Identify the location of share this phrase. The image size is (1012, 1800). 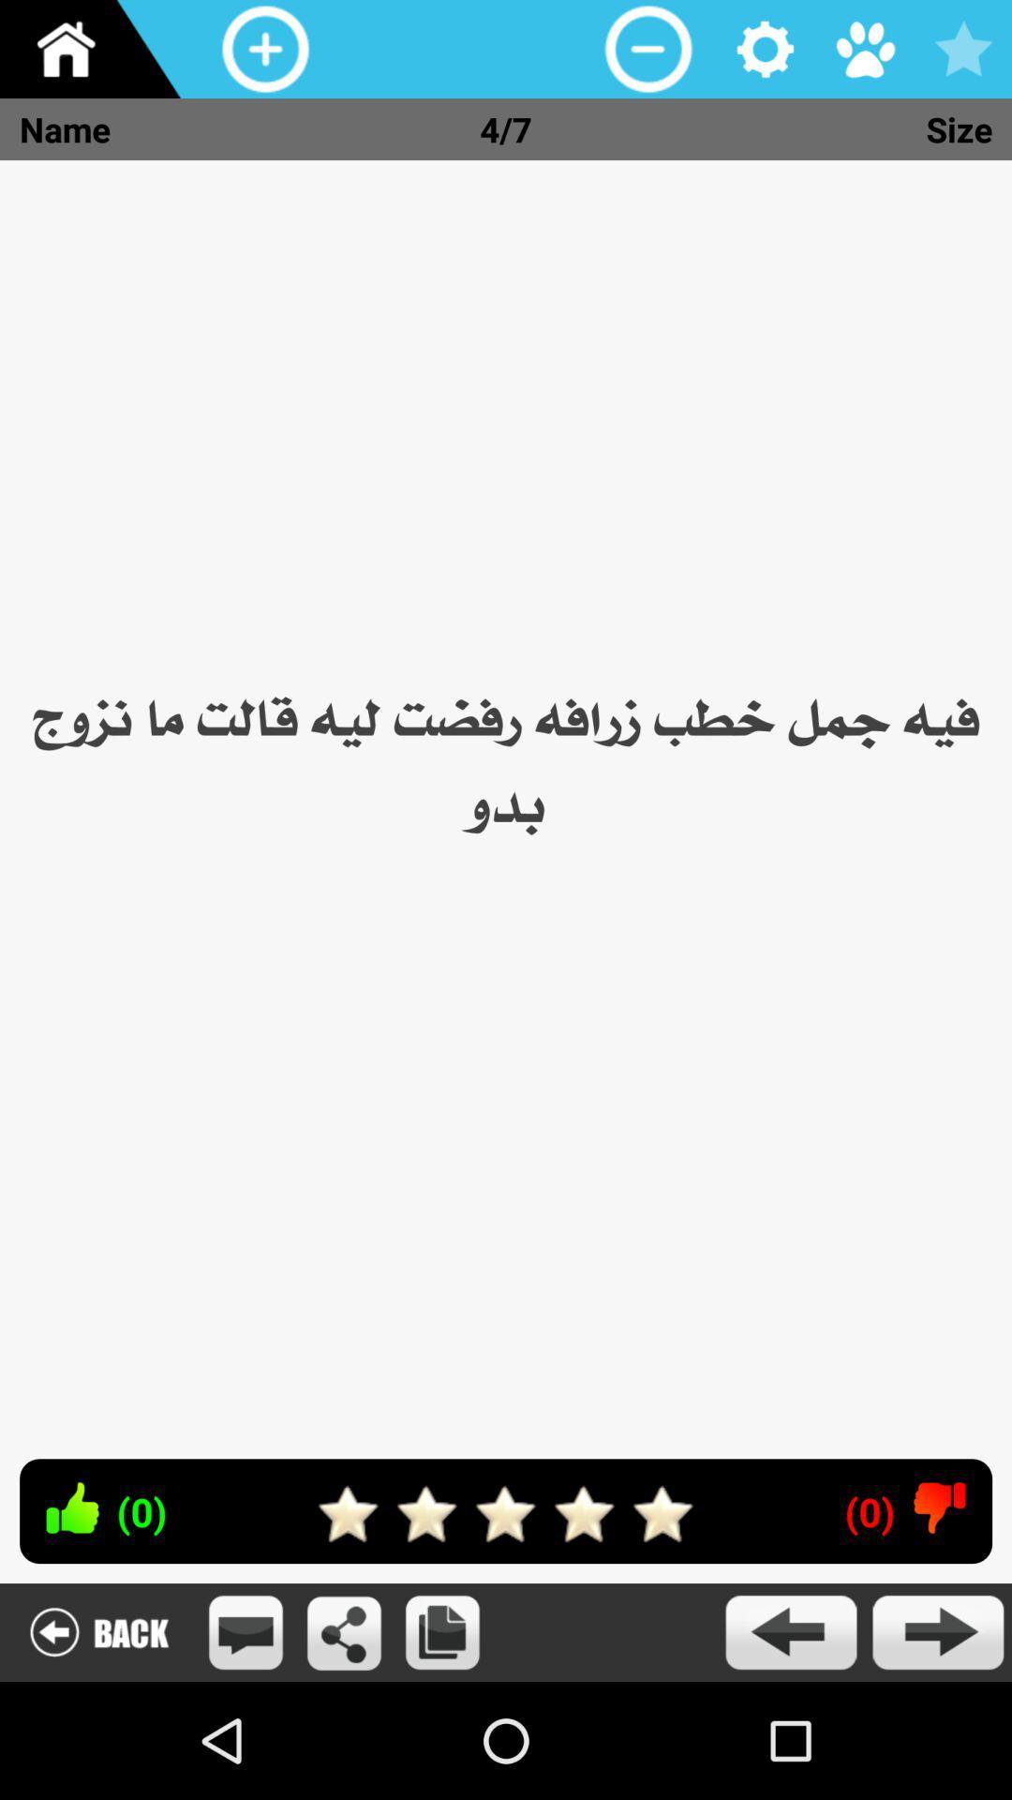
(344, 1631).